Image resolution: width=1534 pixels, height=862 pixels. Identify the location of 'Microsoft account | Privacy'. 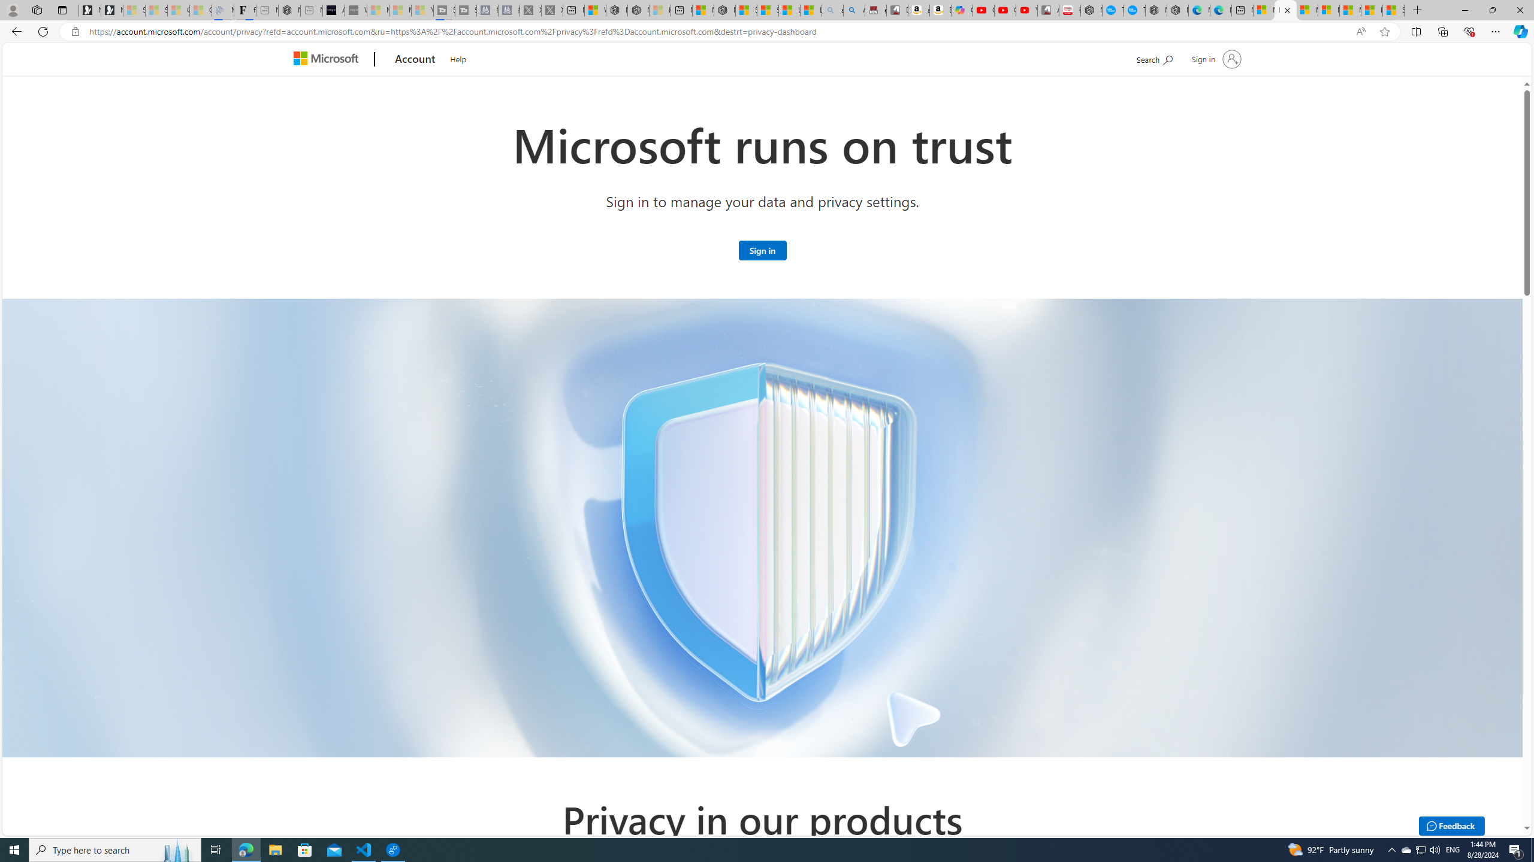
(1328, 10).